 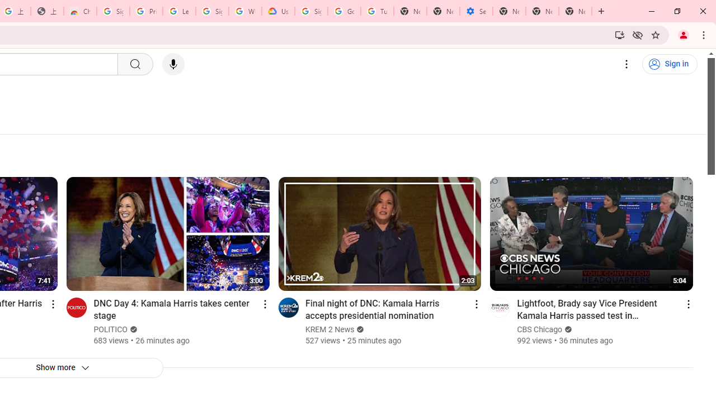 What do you see at coordinates (134, 64) in the screenshot?
I see `'Search'` at bounding box center [134, 64].